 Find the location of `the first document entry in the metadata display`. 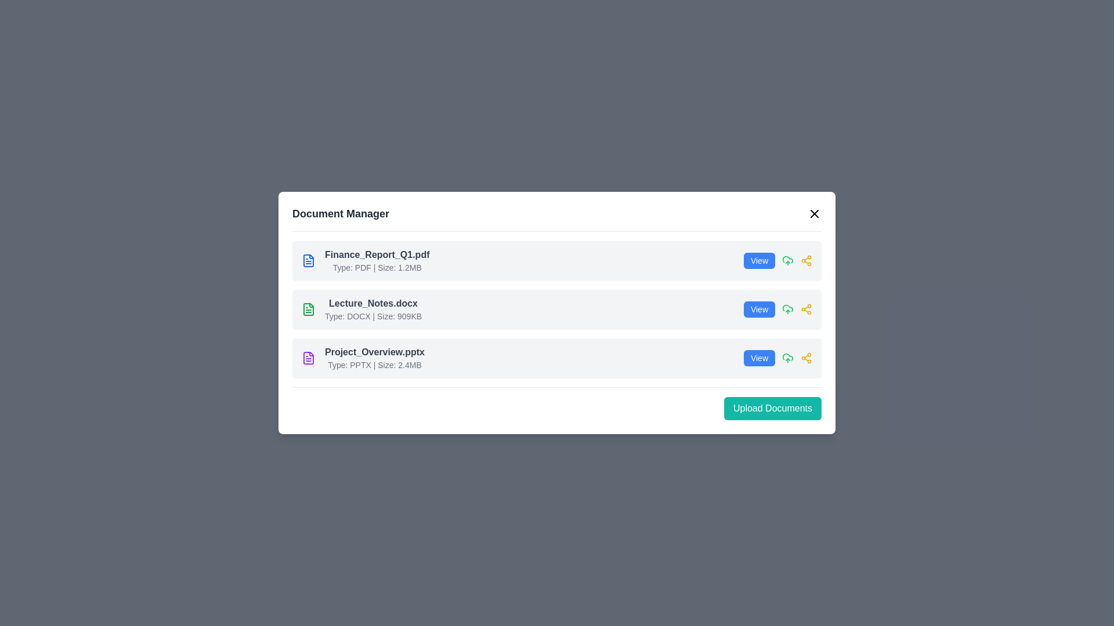

the first document entry in the metadata display is located at coordinates (377, 261).